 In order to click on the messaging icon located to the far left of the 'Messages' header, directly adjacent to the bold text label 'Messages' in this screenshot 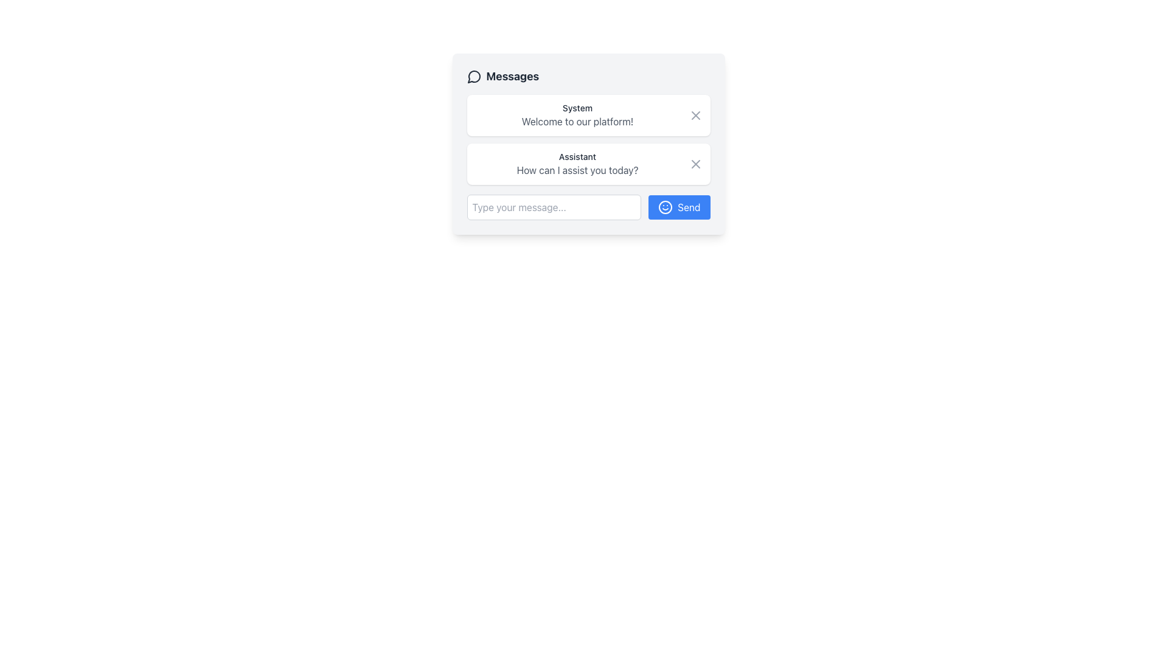, I will do `click(473, 77)`.